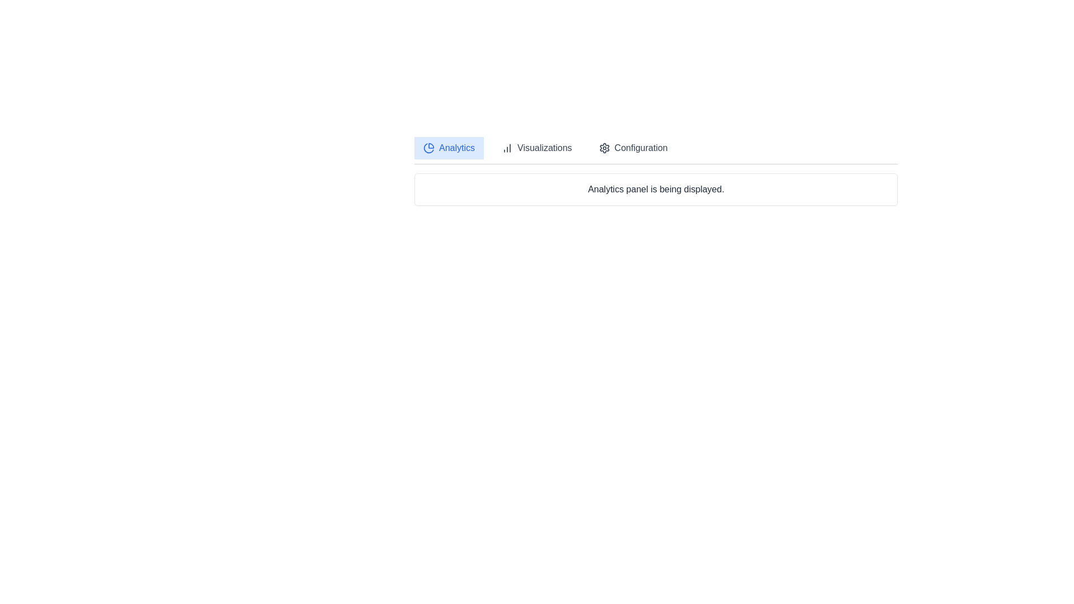 This screenshot has width=1074, height=604. What do you see at coordinates (449, 148) in the screenshot?
I see `the tab labeled Analytics to inspect its icon and label` at bounding box center [449, 148].